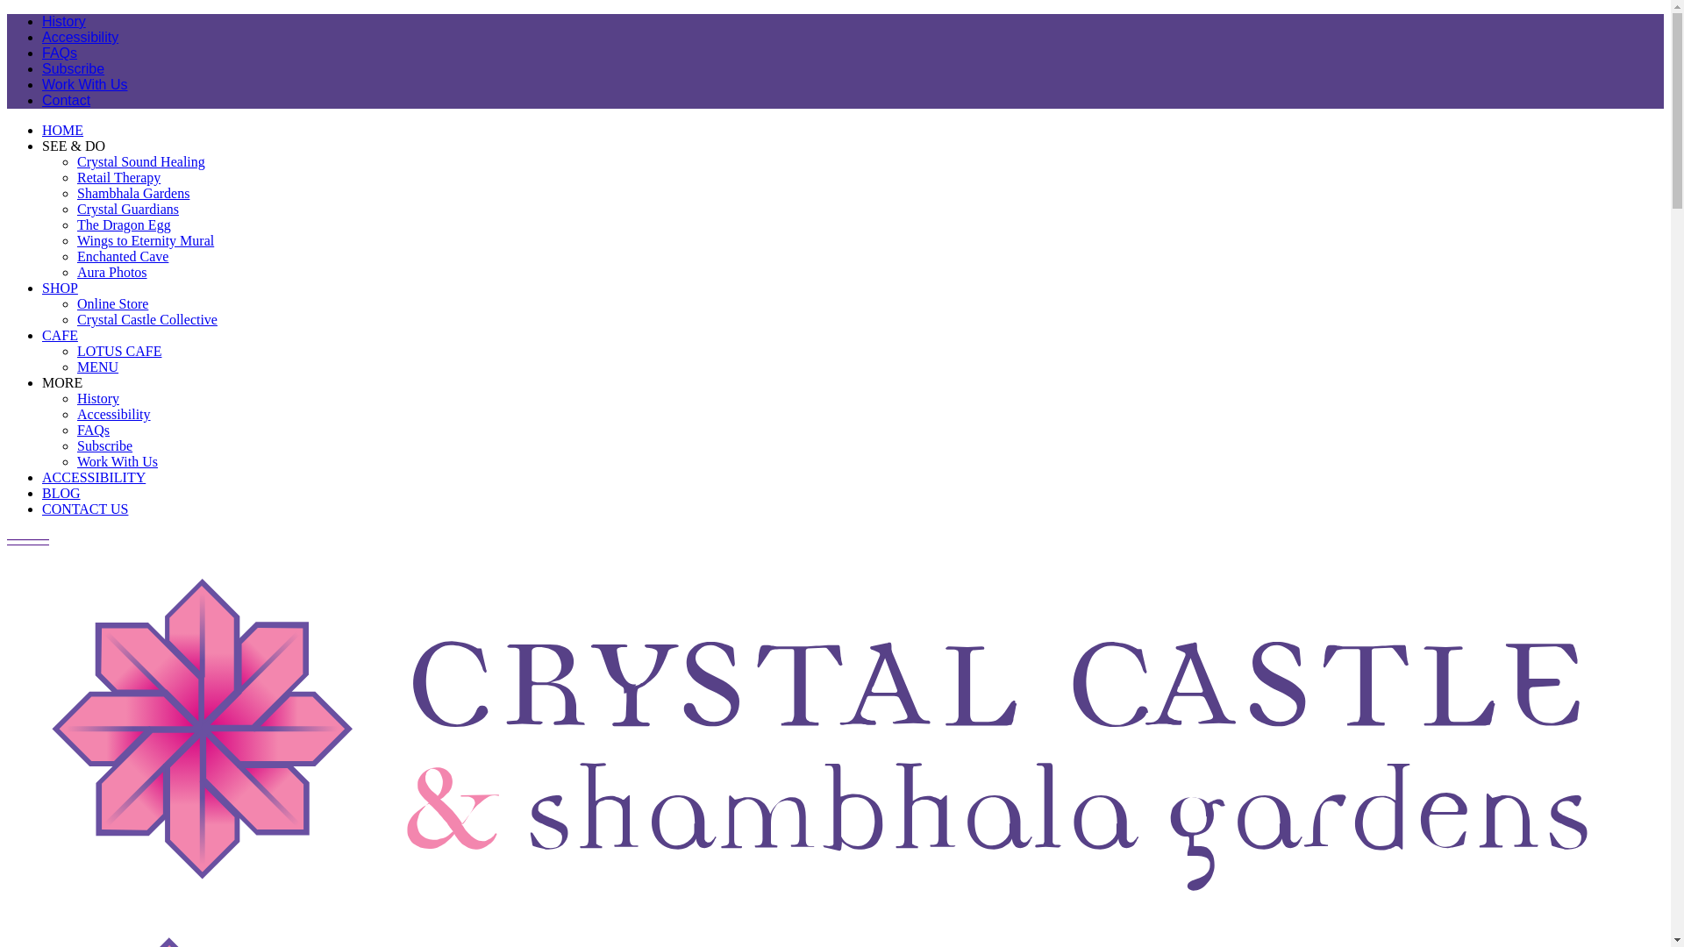 Image resolution: width=1684 pixels, height=947 pixels. Describe the element at coordinates (126, 208) in the screenshot. I see `'Crystal Guardians'` at that location.